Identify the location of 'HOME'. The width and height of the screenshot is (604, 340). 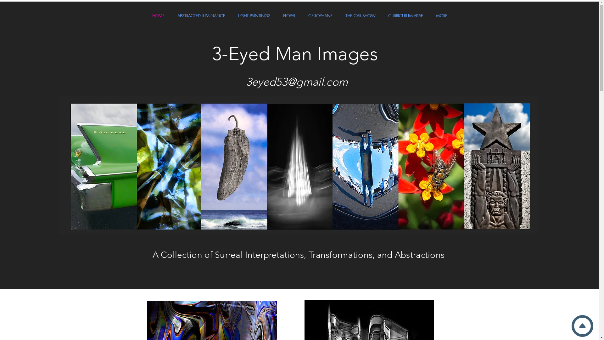
(158, 15).